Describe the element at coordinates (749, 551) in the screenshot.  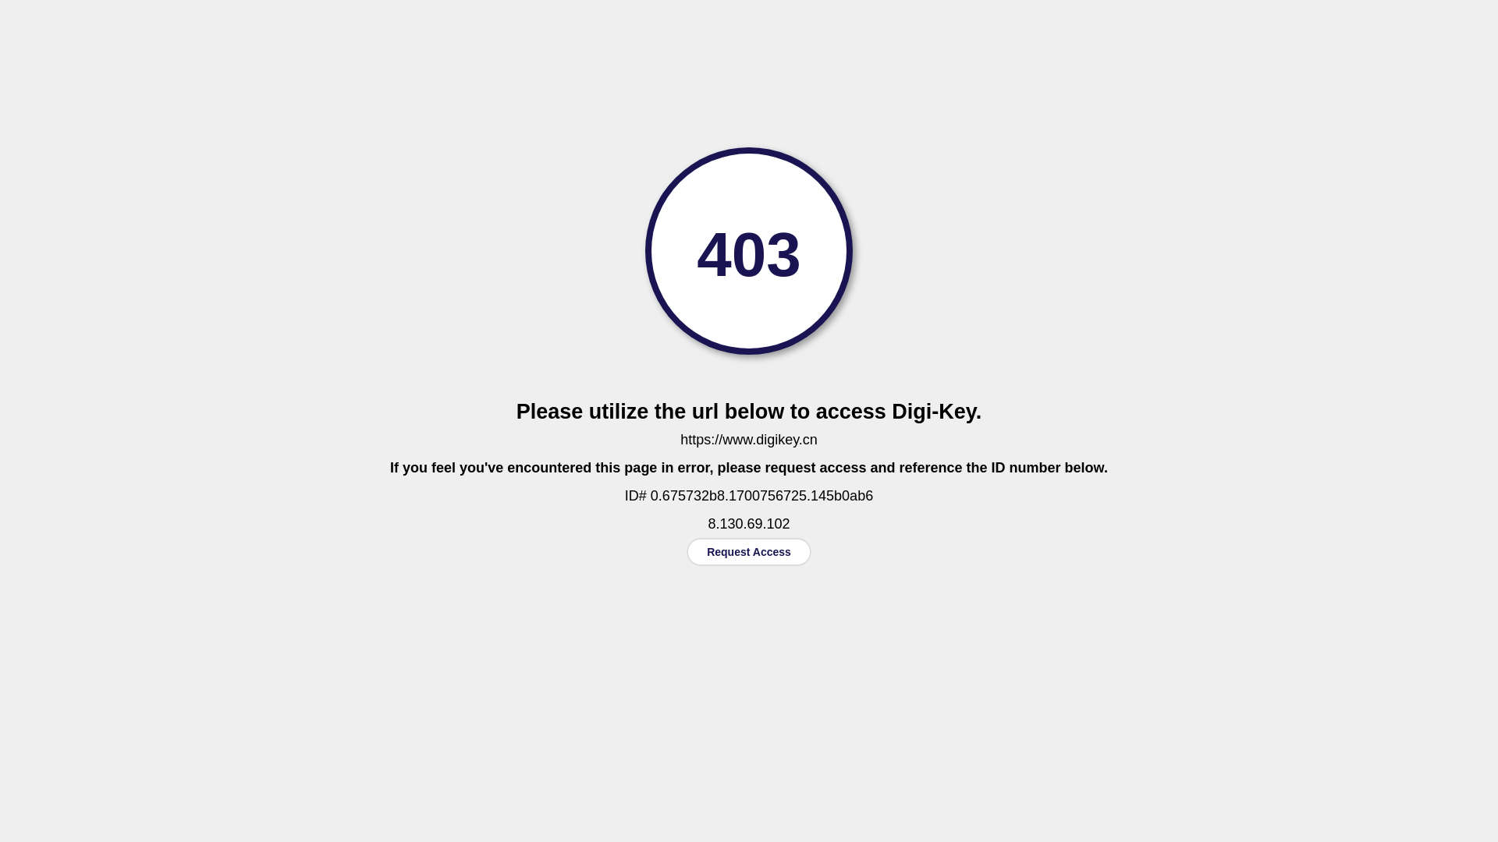
I see `'Request Access'` at that location.